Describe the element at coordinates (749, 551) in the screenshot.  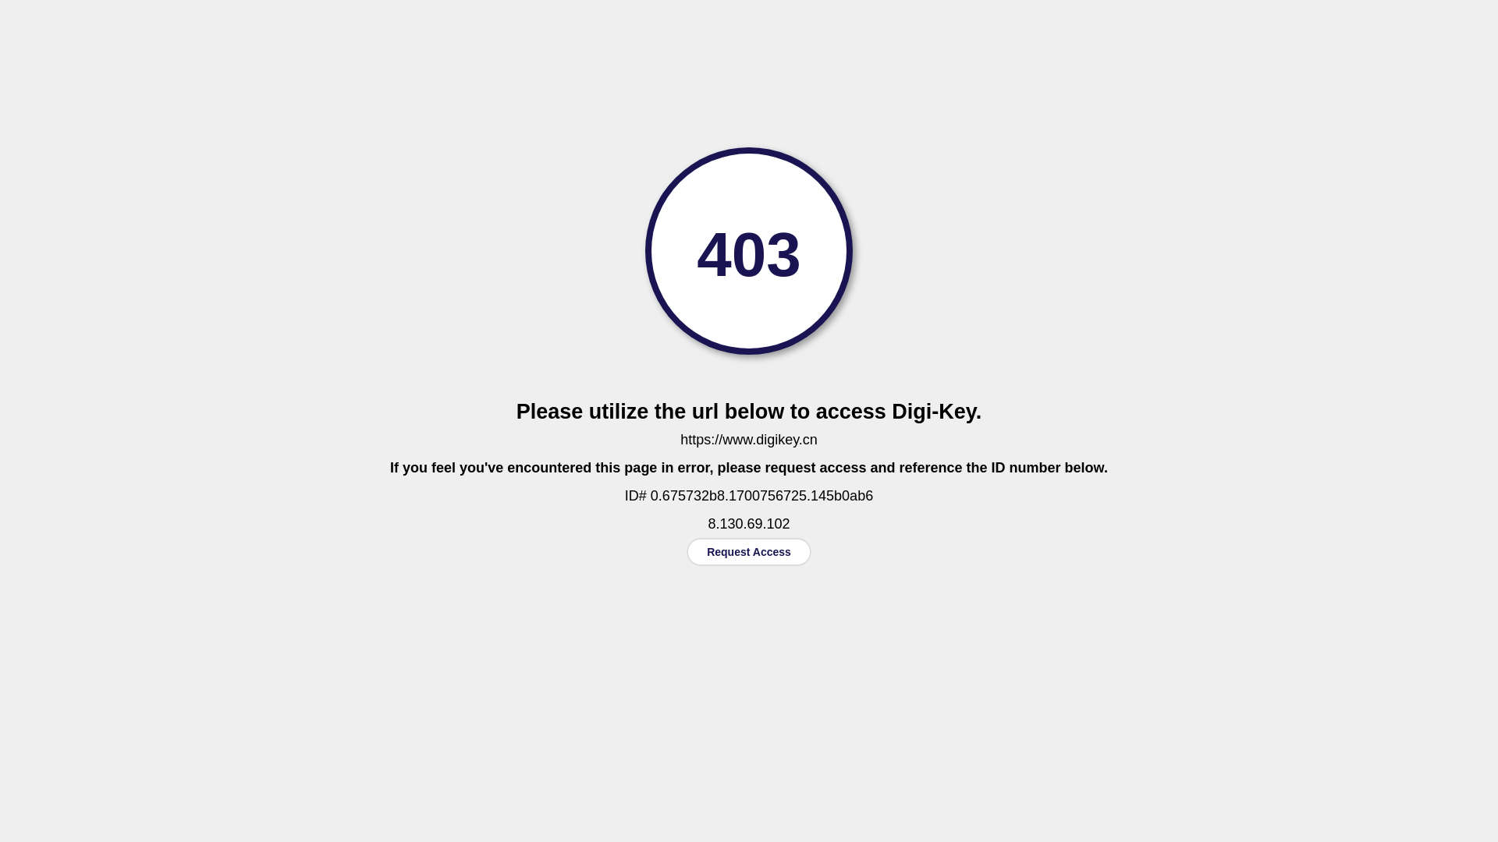
I see `'Request Access'` at that location.